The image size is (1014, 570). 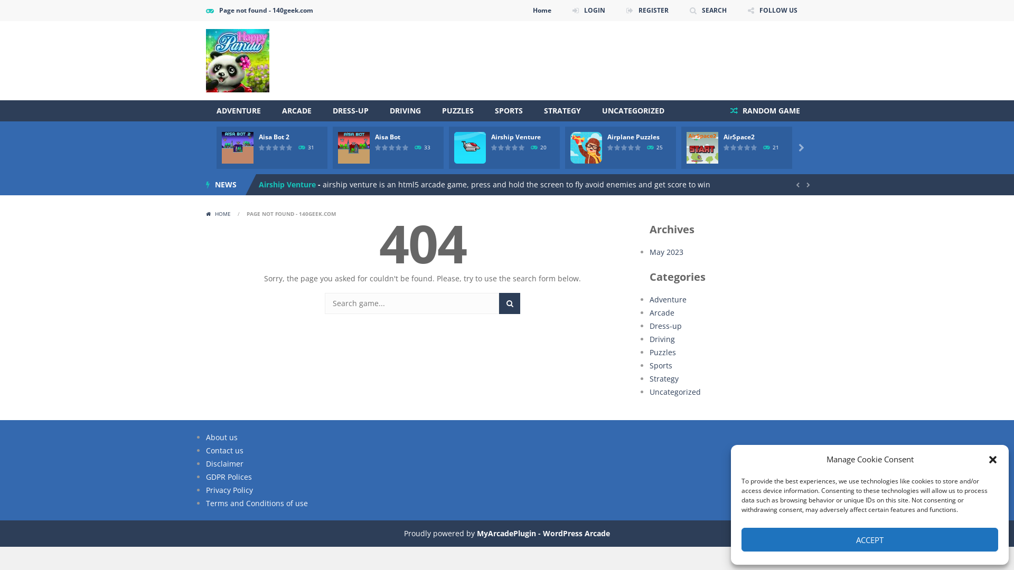 I want to click on 'May 2023', so click(x=666, y=252).